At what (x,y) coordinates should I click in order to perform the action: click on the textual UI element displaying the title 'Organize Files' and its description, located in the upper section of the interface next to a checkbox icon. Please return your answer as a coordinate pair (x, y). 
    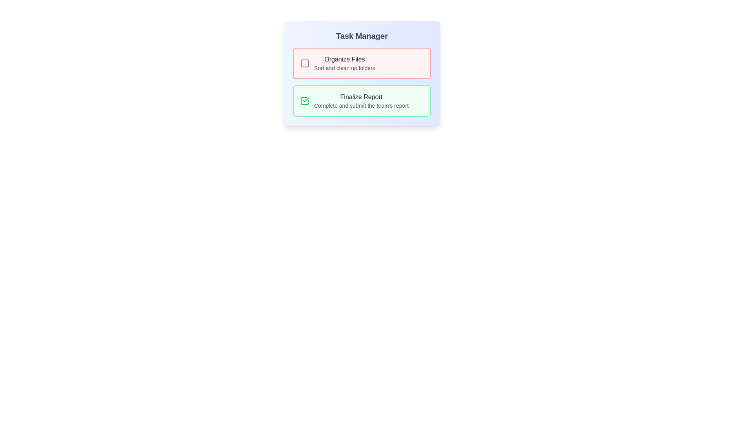
    Looking at the image, I should click on (344, 63).